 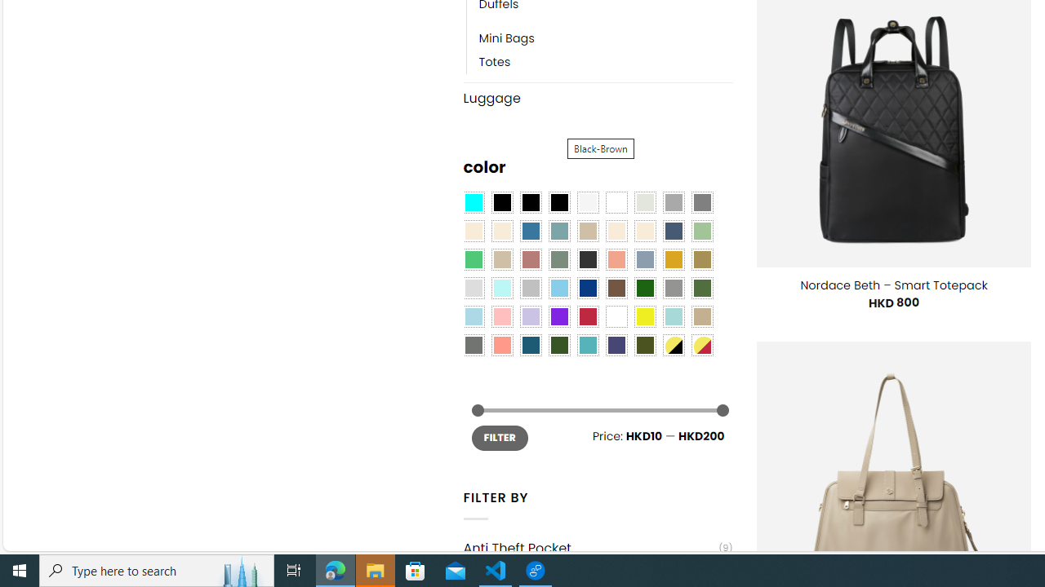 I want to click on 'FILTER', so click(x=499, y=437).